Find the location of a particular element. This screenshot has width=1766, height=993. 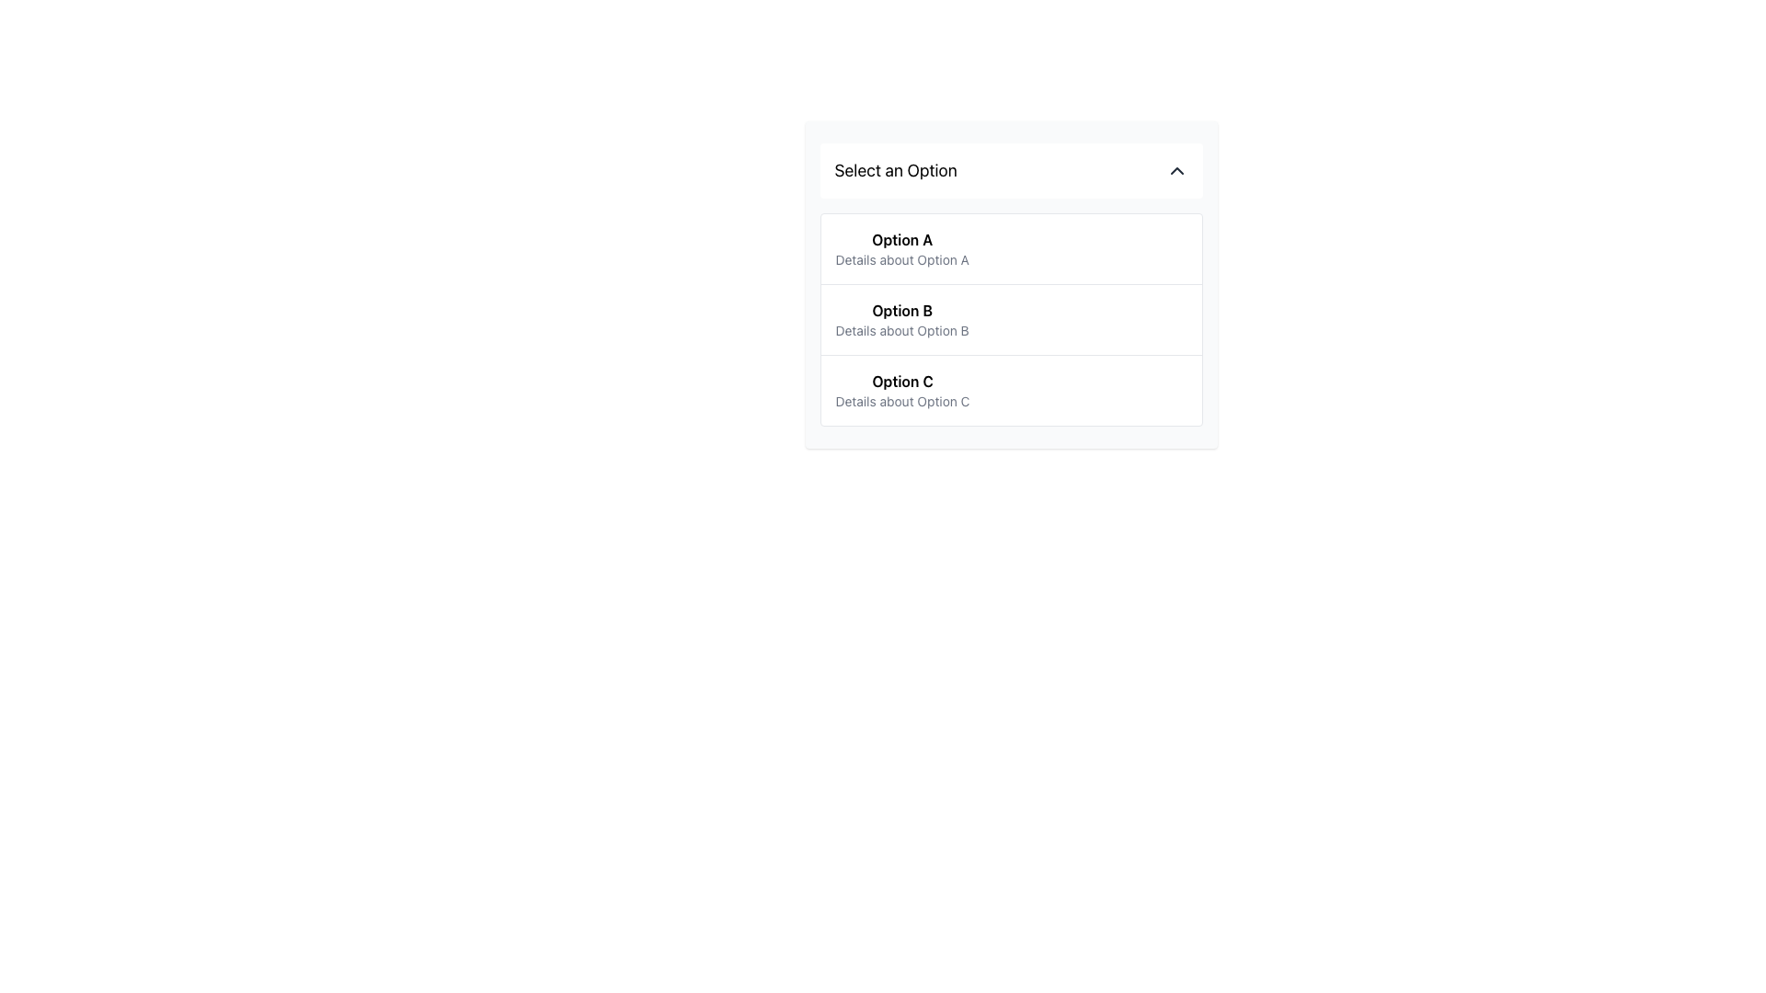

the first selectable list item labeled 'Option A' in the dropdown menu is located at coordinates (902, 248).